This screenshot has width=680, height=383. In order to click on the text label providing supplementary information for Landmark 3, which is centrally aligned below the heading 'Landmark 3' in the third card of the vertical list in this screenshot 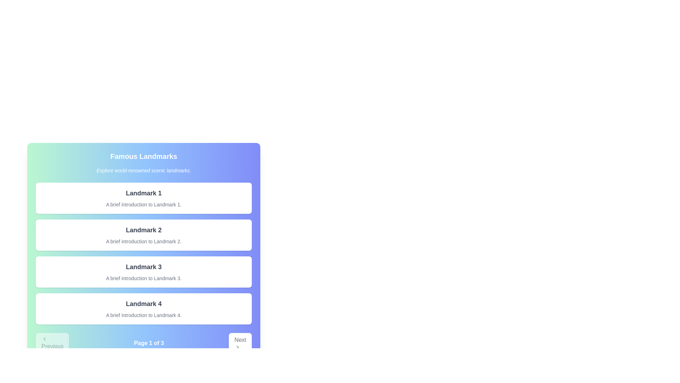, I will do `click(143, 278)`.